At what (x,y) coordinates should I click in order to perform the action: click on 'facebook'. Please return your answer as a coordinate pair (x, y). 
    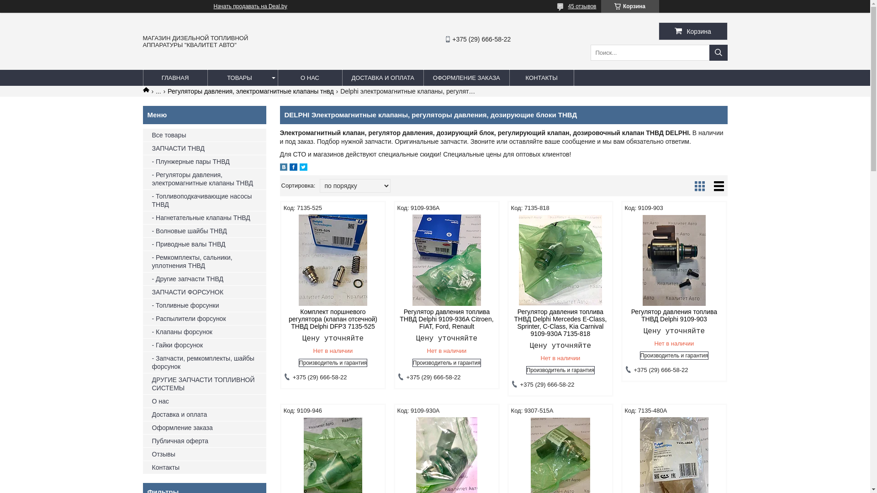
    Looking at the image, I should click on (293, 168).